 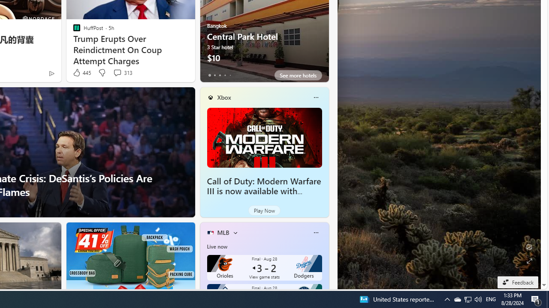 What do you see at coordinates (528, 261) in the screenshot?
I see `'Expand background'` at bounding box center [528, 261].